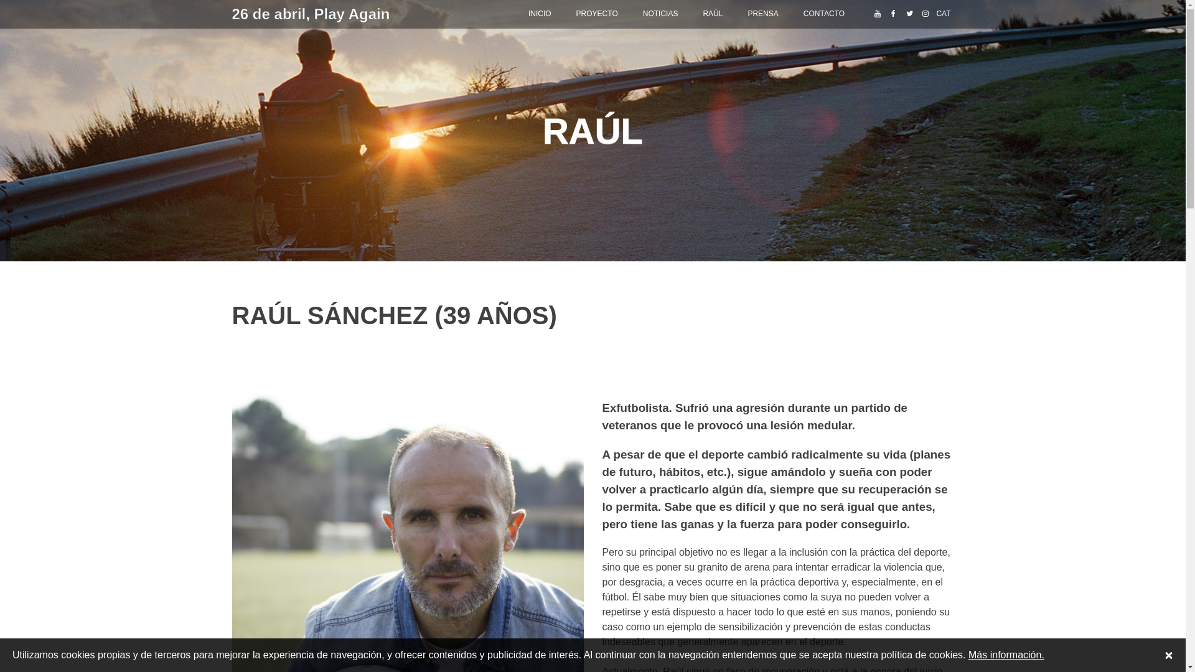  What do you see at coordinates (563, 14) in the screenshot?
I see `'PROYECTO'` at bounding box center [563, 14].